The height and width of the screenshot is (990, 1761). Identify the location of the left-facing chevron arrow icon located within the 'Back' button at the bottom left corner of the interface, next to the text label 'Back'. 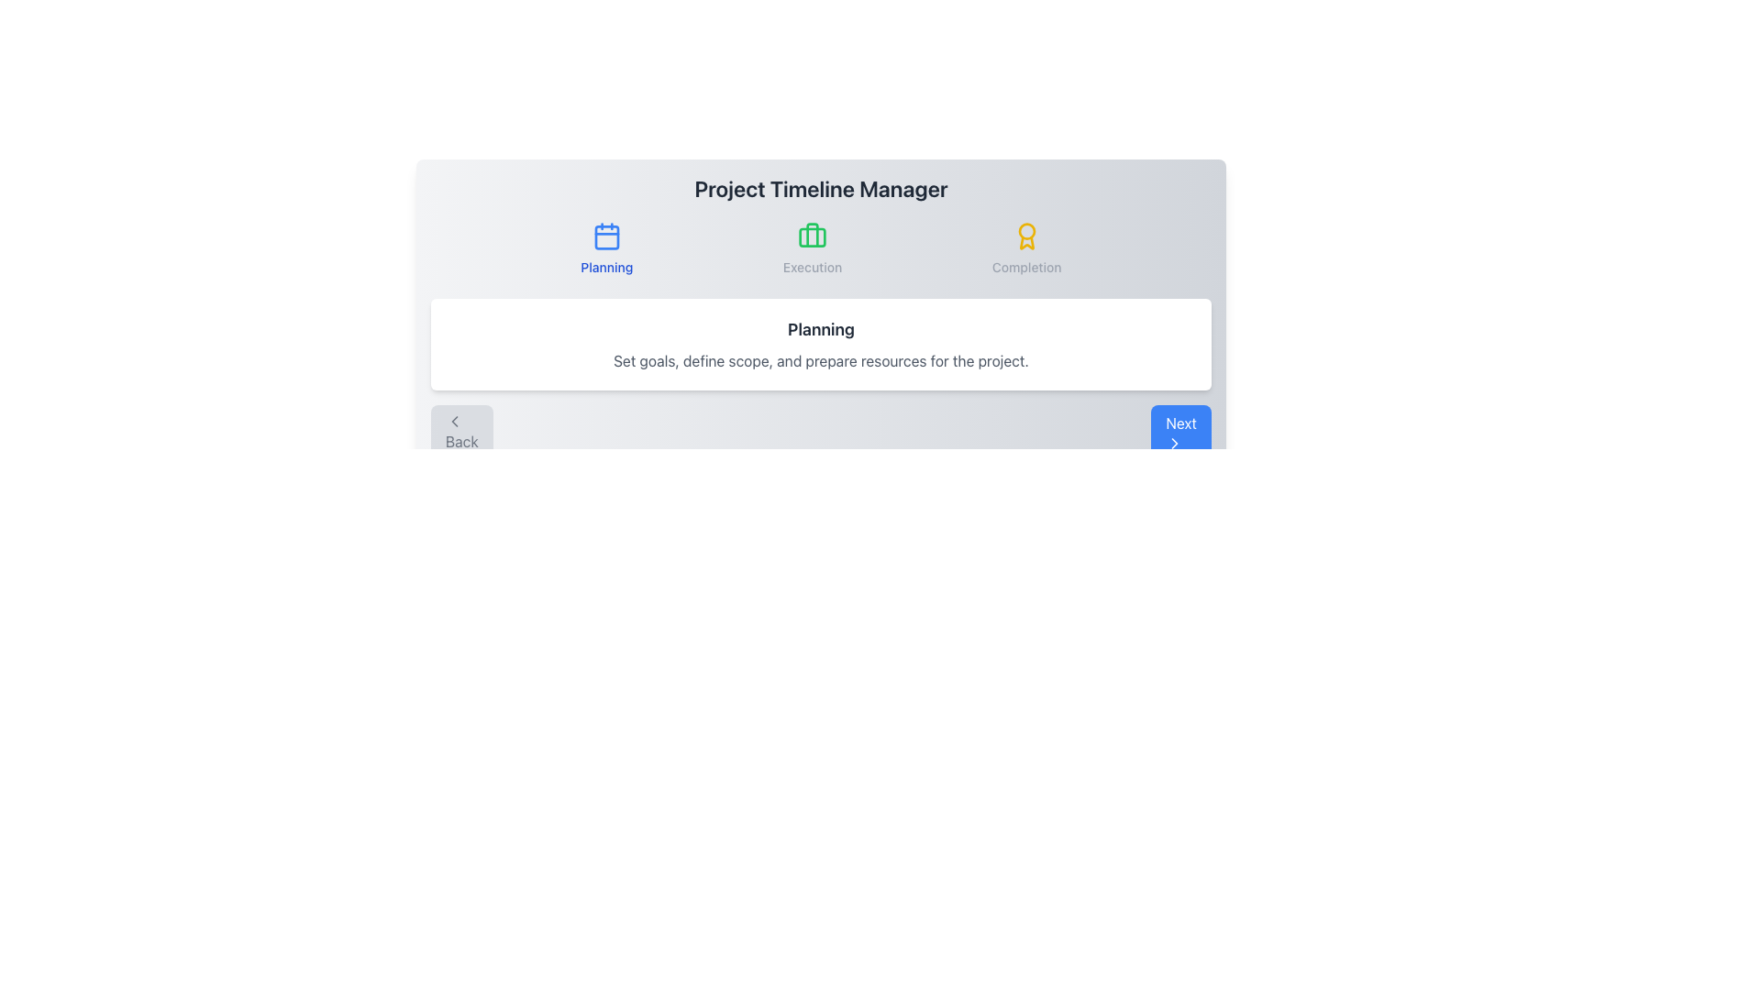
(454, 421).